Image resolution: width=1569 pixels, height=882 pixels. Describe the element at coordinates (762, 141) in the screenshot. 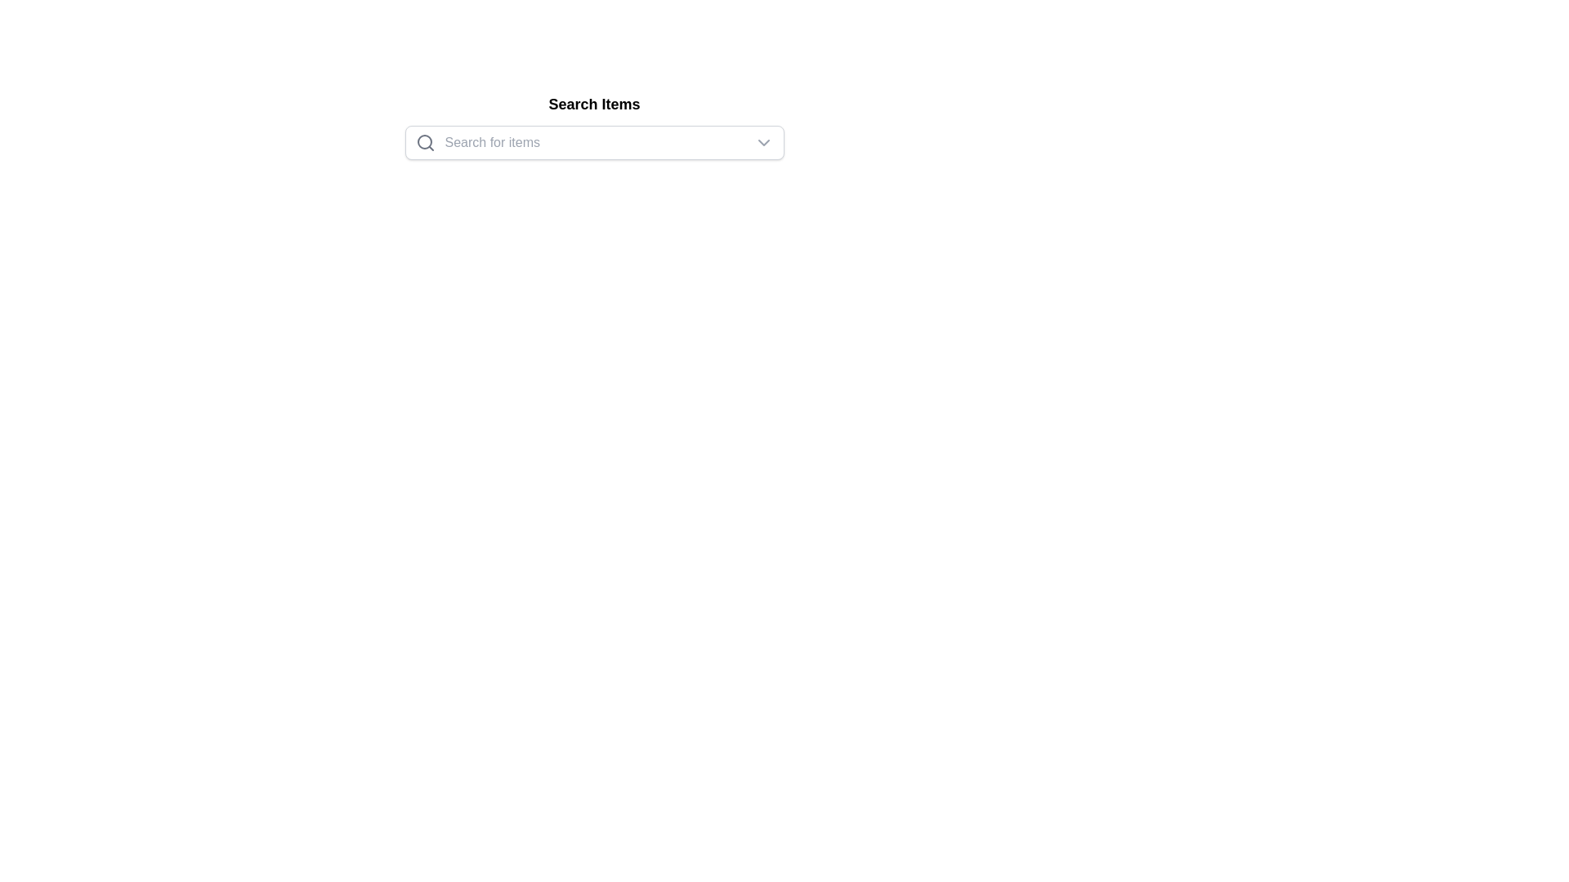

I see `the downward-pointing chevron icon at the right end of the search bar` at that location.